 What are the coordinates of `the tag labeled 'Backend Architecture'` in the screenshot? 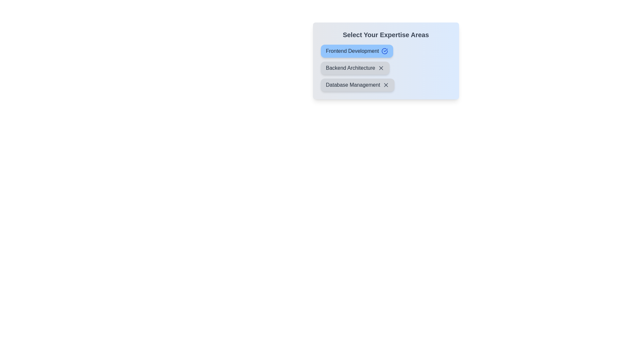 It's located at (355, 68).